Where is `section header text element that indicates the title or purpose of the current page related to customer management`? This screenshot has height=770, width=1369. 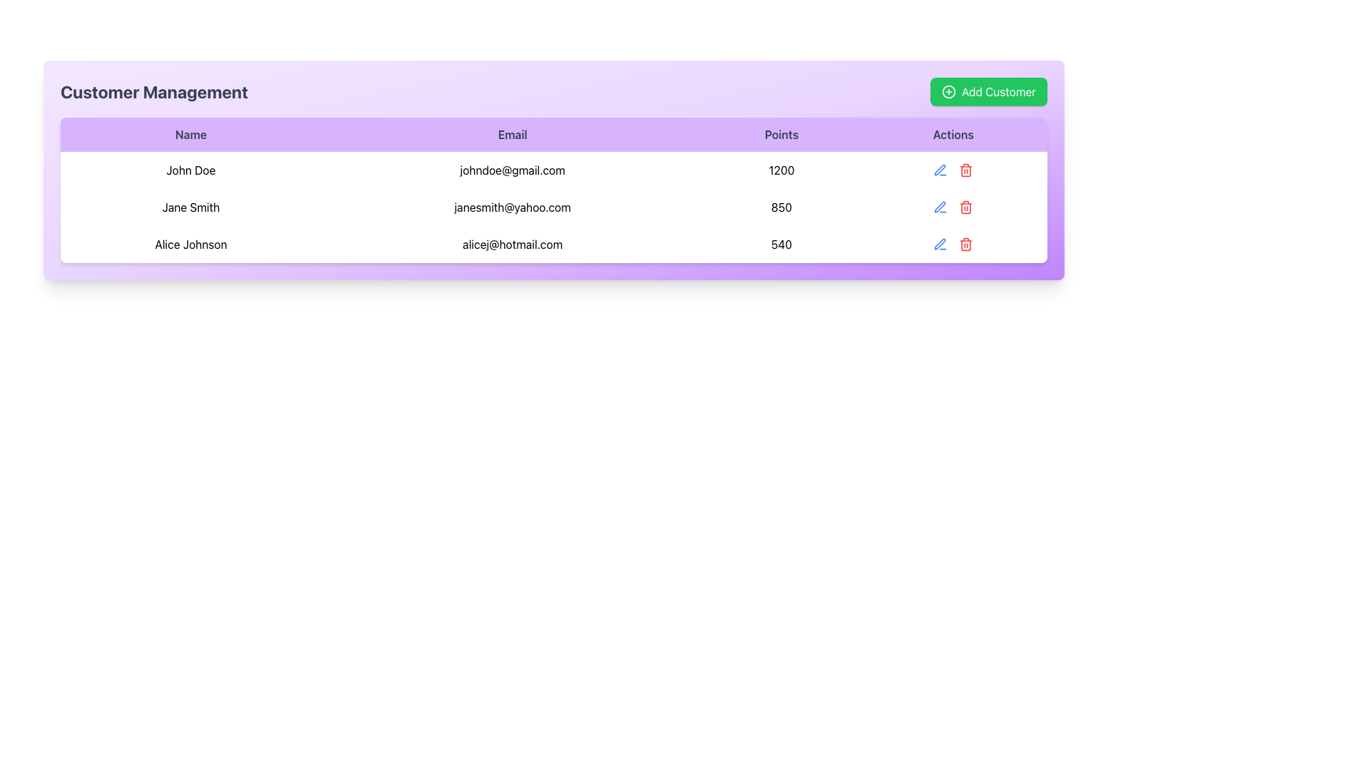
section header text element that indicates the title or purpose of the current page related to customer management is located at coordinates (154, 91).